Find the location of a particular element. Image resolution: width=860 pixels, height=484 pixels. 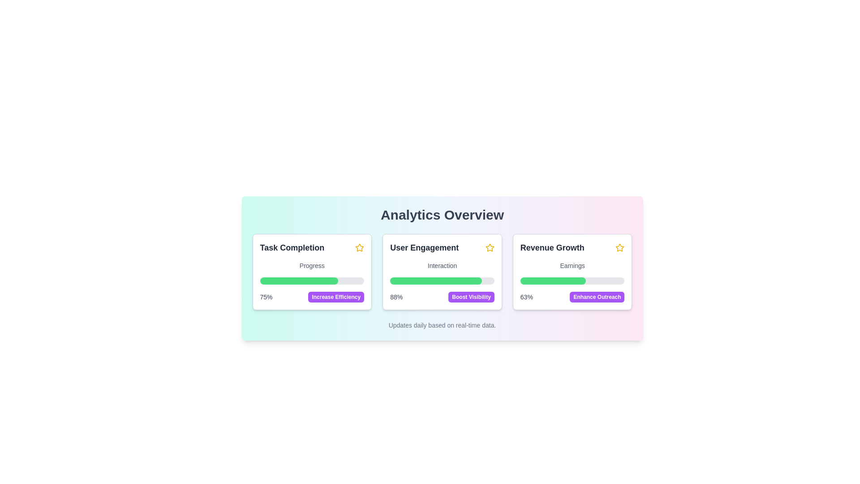

the 'Increase Efficiency' button with a purple background and bold white text located in the 'Analytics Overview' section is located at coordinates (335, 297).